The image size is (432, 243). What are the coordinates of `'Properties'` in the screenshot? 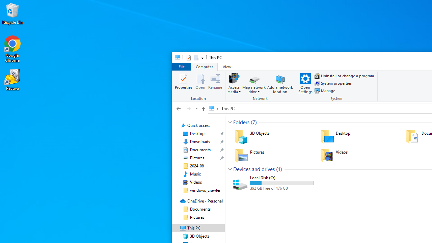 It's located at (184, 83).